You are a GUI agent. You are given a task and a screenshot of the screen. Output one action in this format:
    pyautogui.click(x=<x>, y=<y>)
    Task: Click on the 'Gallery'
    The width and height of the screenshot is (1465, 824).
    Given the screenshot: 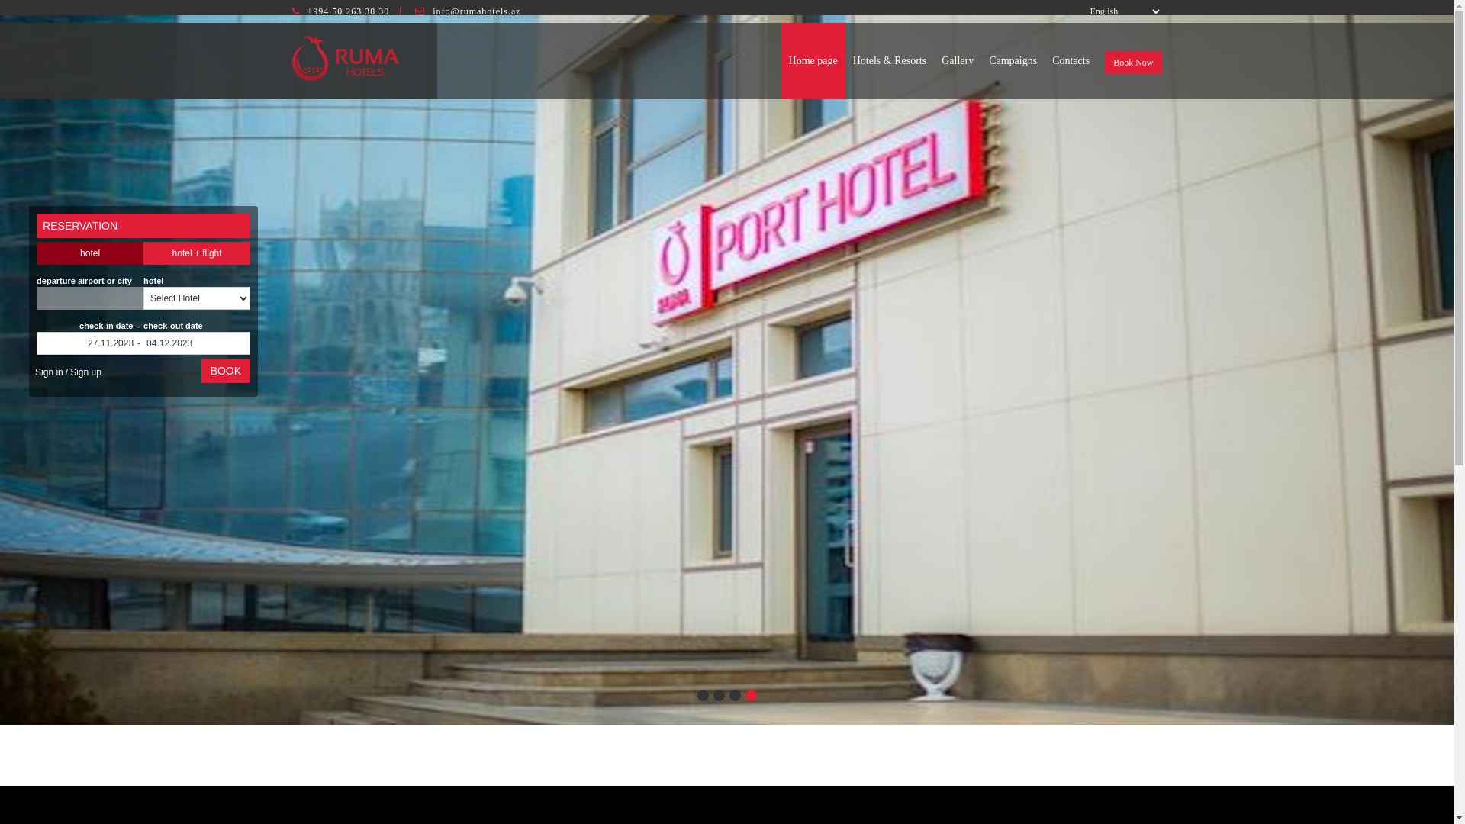 What is the action you would take?
    pyautogui.click(x=956, y=60)
    